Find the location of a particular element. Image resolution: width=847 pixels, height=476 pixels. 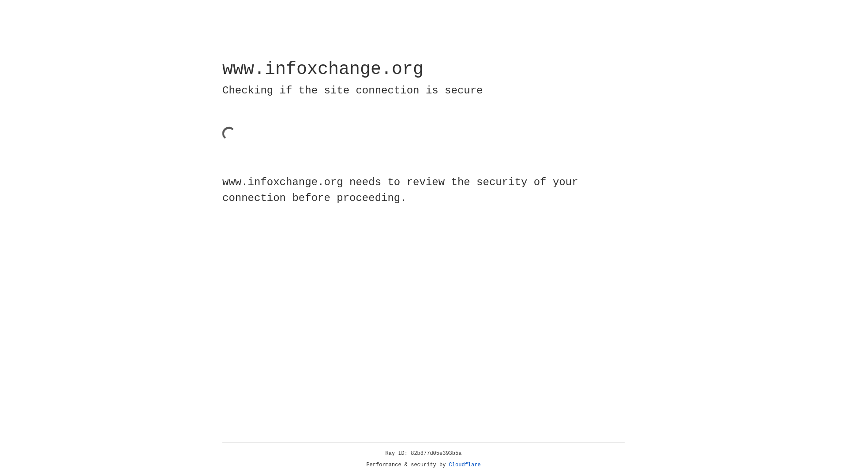

'Cloudflare' is located at coordinates (465, 465).